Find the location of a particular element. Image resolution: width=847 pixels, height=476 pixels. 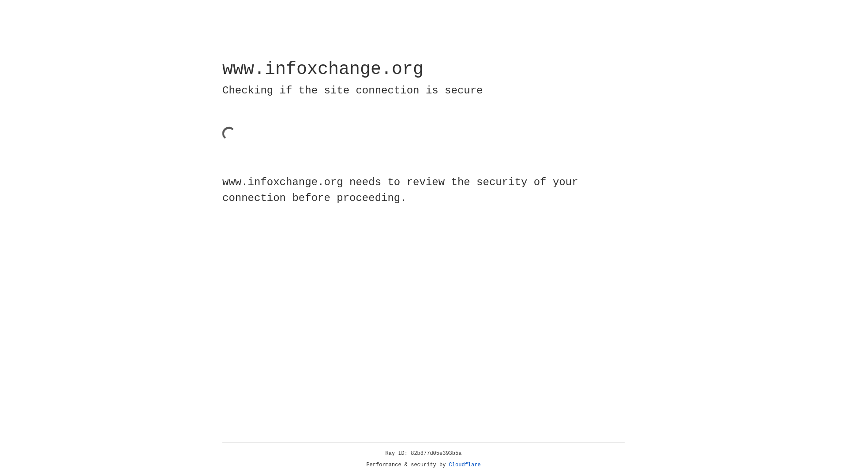

'Cloudflare' is located at coordinates (465, 465).